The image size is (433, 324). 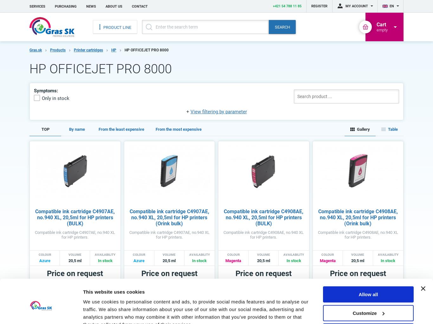 What do you see at coordinates (83, 275) in the screenshot?
I see `'We use cookies to personalise content and ads, to provide social media features and to analyse our traffic. We also share information about your use of our site with our social media, advertising and analytics partners who may combine it with other information that you’ve provided to them or that they’ve collected from your use of their services.'` at bounding box center [83, 275].